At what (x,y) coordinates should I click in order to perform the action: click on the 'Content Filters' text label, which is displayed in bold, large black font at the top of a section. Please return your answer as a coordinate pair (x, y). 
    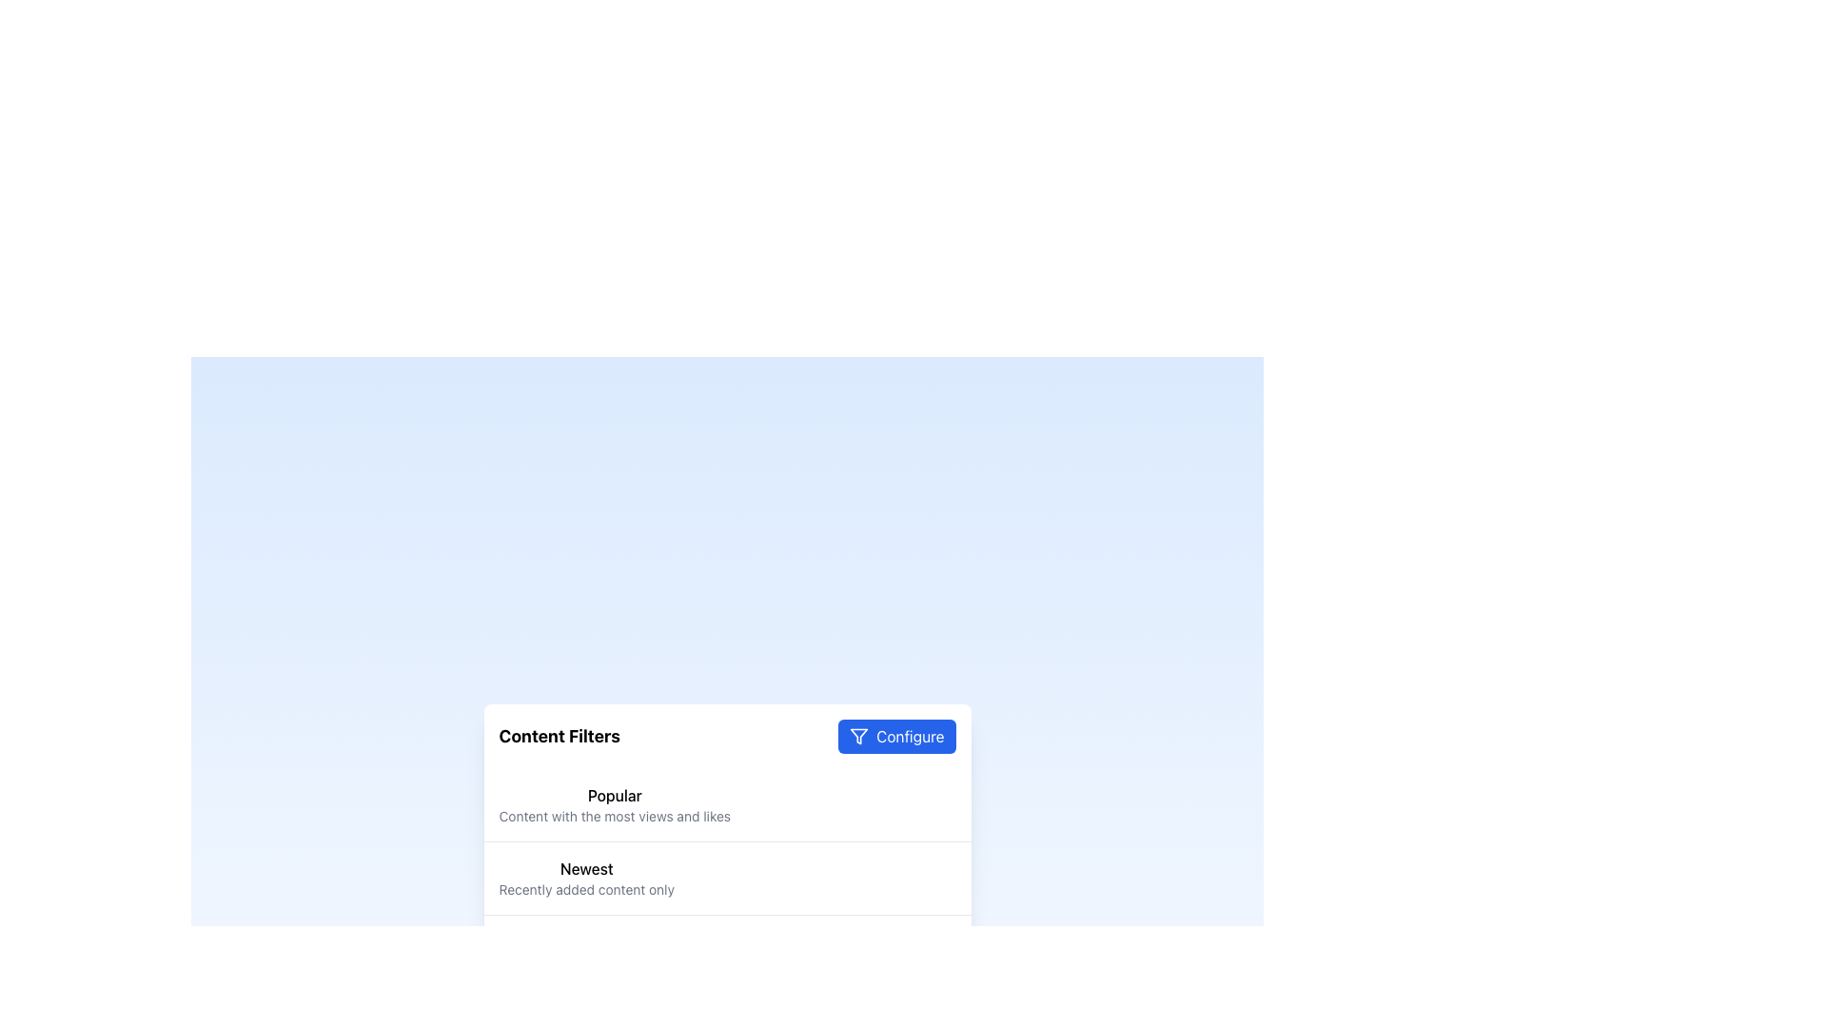
    Looking at the image, I should click on (559, 736).